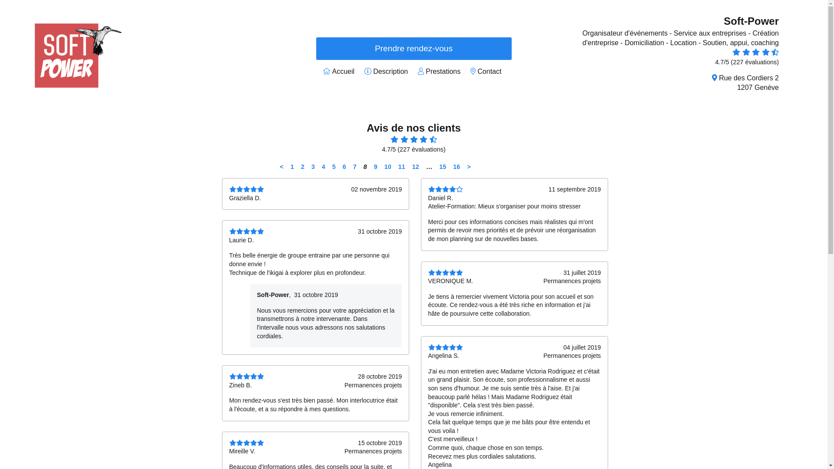 This screenshot has height=469, width=834. What do you see at coordinates (415, 167) in the screenshot?
I see `'12'` at bounding box center [415, 167].